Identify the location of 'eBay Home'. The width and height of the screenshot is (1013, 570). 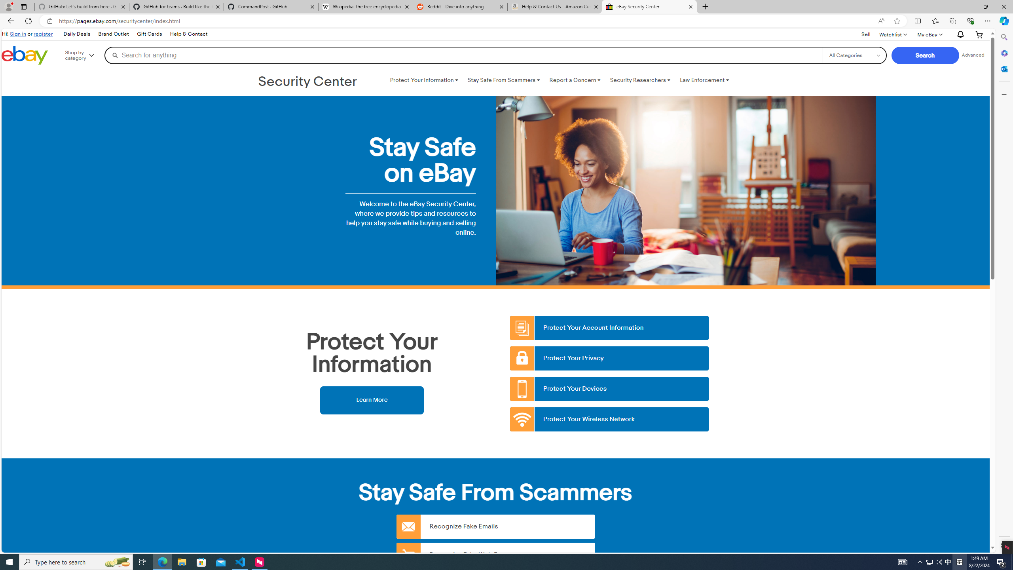
(24, 55).